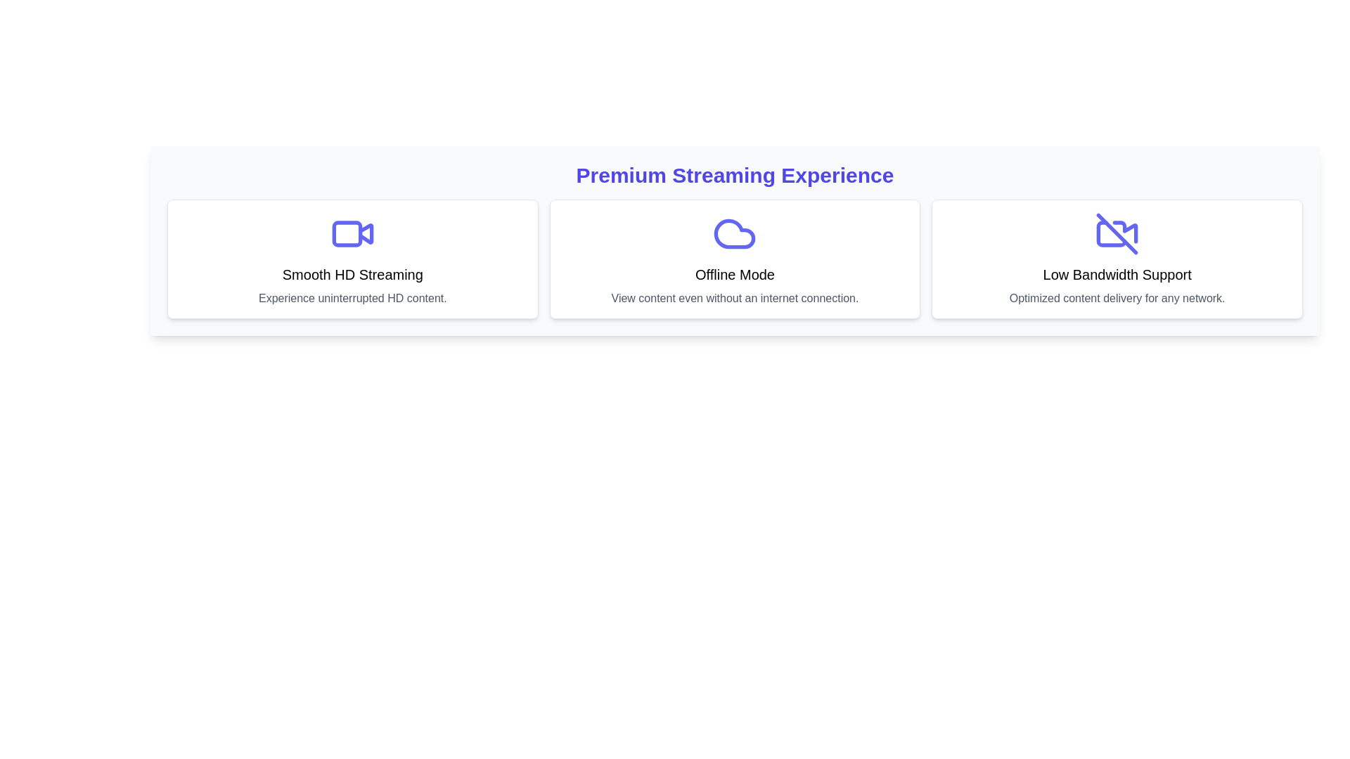  I want to click on the text label stating 'Optimized content delivery for any network.' which is located beneath the title 'Low Bandwidth Support' in the rightmost card of the three-card layout, so click(1117, 297).